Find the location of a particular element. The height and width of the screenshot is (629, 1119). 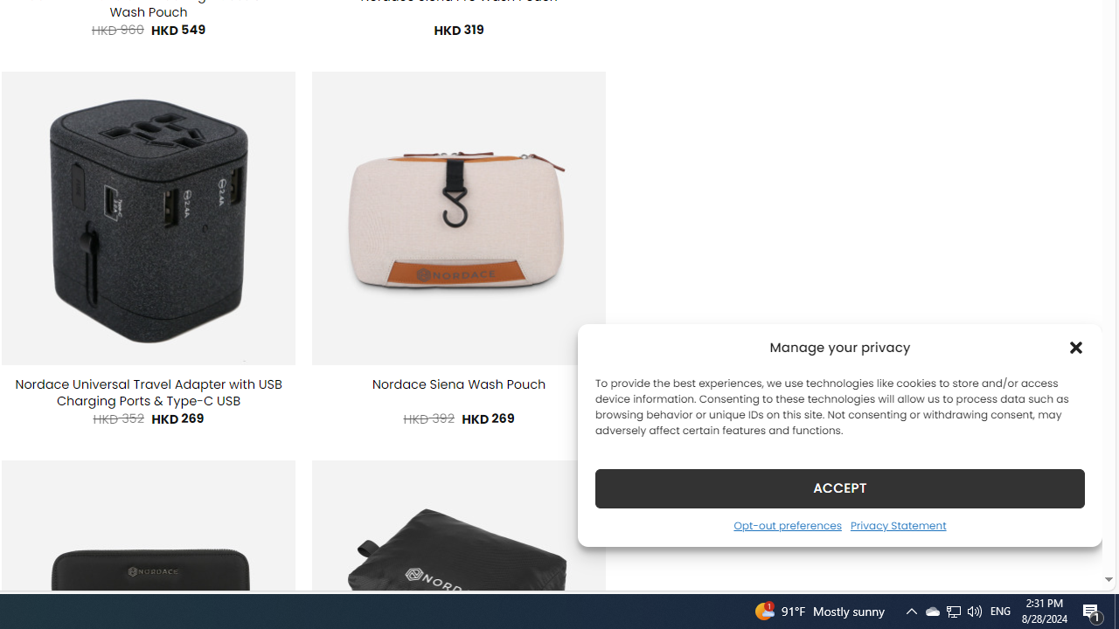

'Opt-out preferences' is located at coordinates (786, 524).